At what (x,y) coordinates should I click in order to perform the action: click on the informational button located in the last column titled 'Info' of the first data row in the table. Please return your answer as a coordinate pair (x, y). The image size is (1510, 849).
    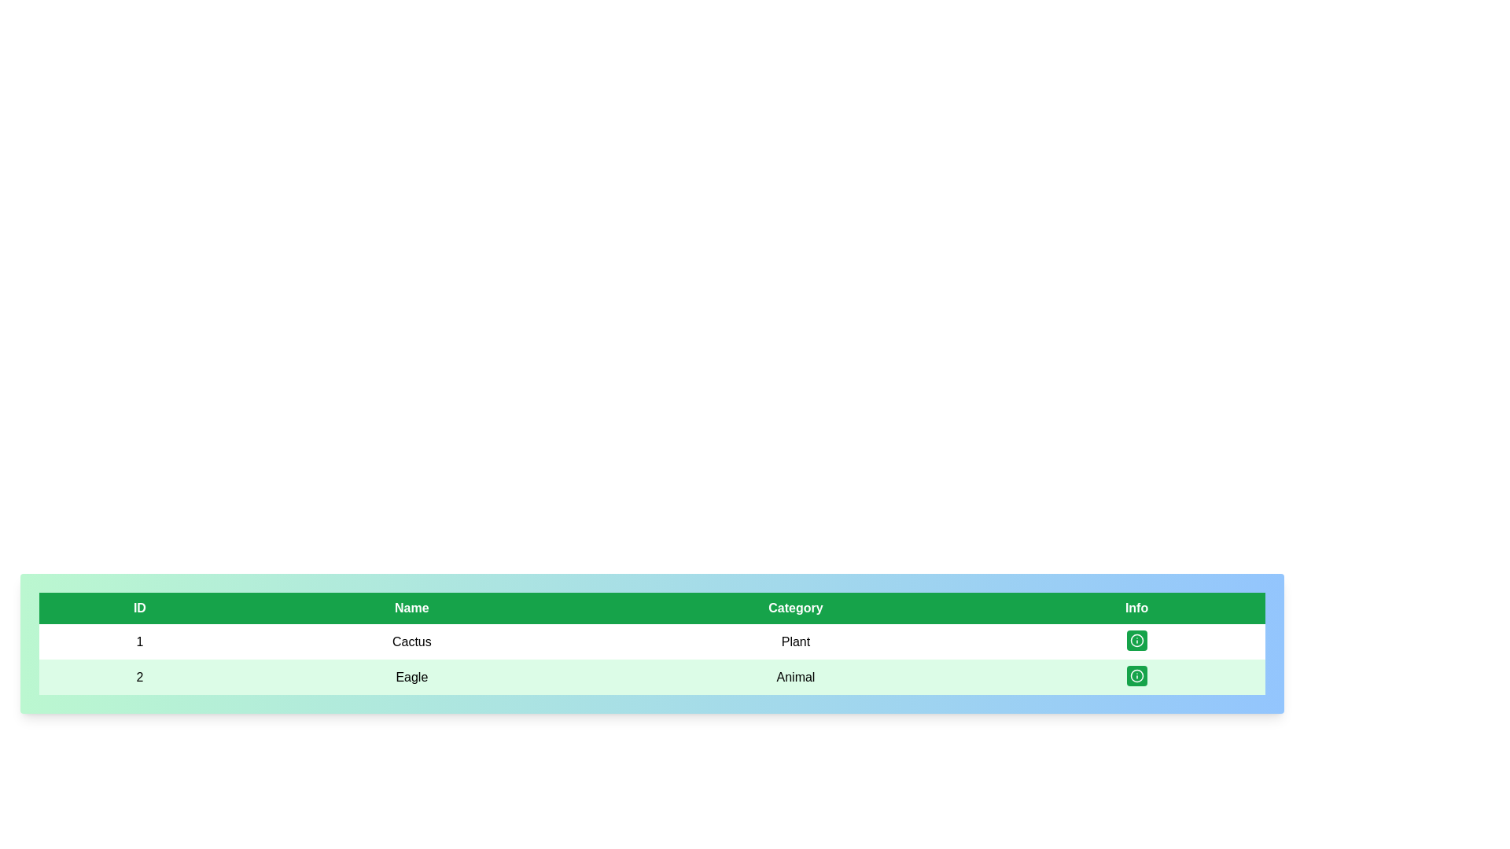
    Looking at the image, I should click on (1136, 640).